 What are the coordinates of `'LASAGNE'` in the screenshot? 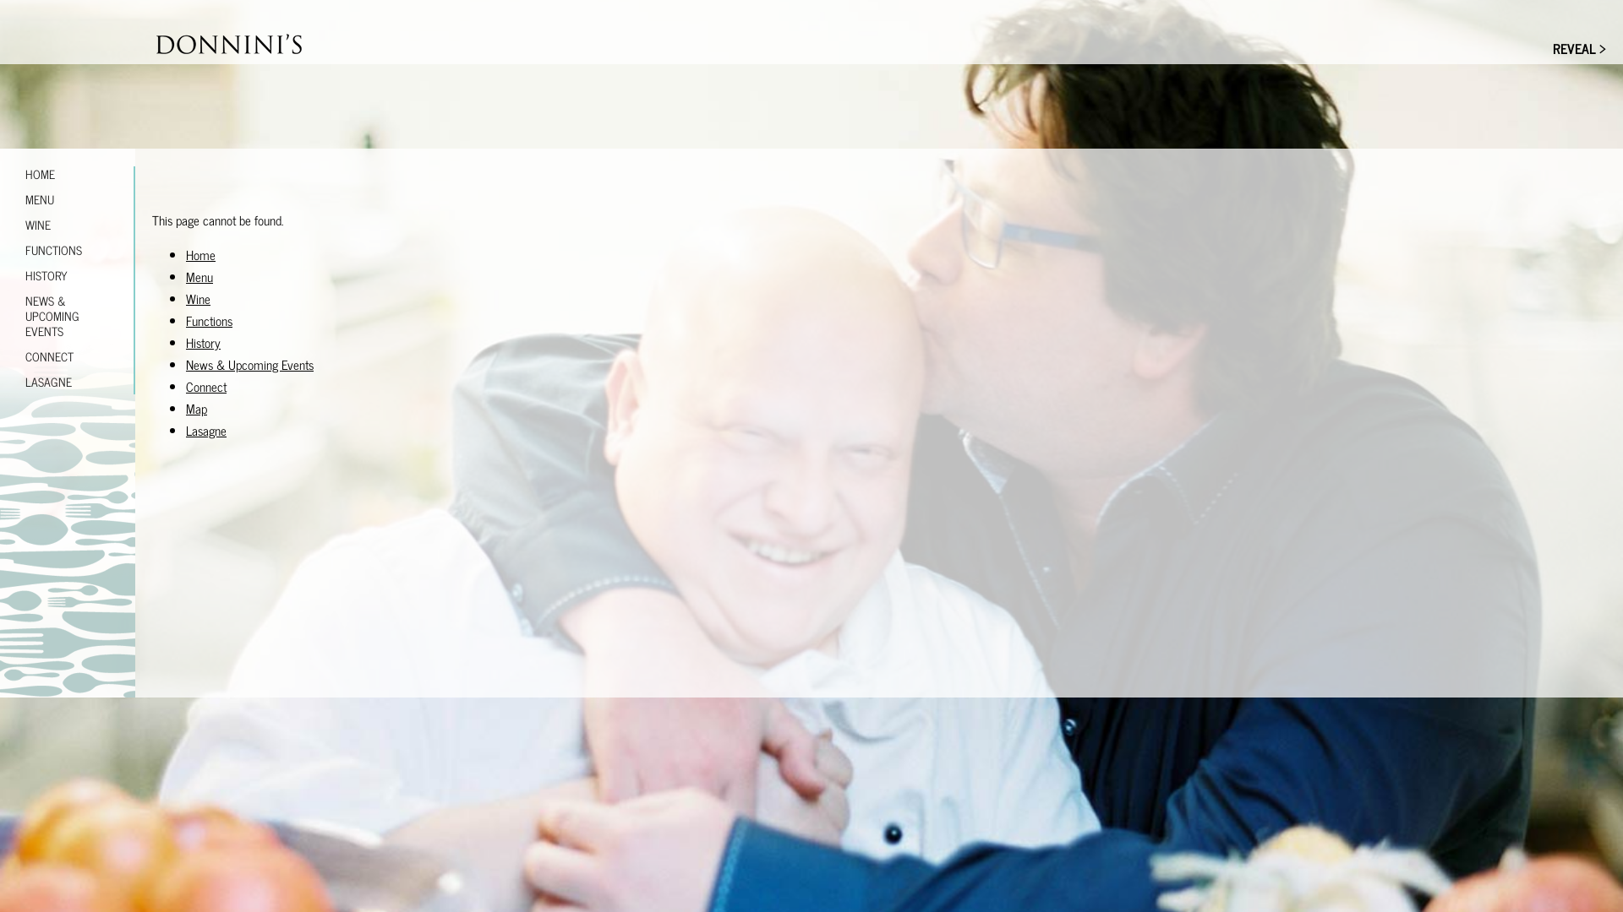 It's located at (68, 381).